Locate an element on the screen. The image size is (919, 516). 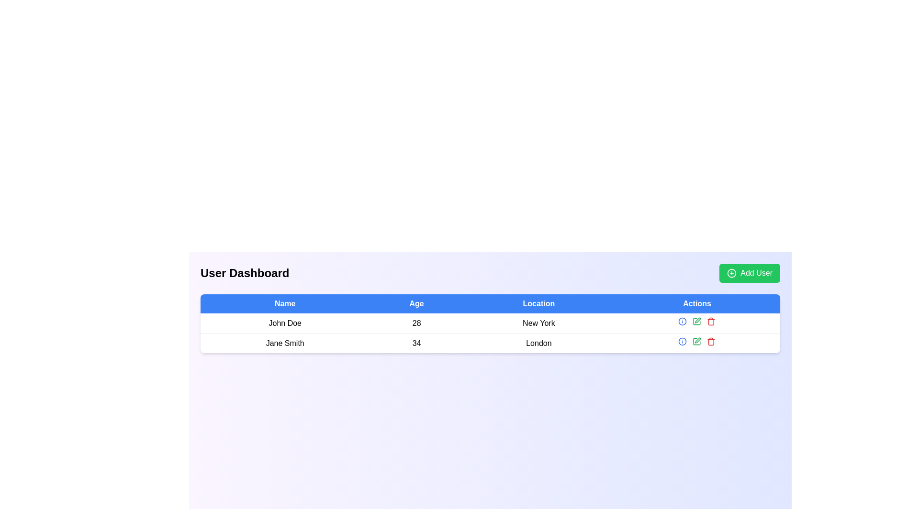
the text label displaying 'New York' in the 'Location' column of the table, which is positioned between the 'Age' and 'Actions' columns is located at coordinates (538, 322).